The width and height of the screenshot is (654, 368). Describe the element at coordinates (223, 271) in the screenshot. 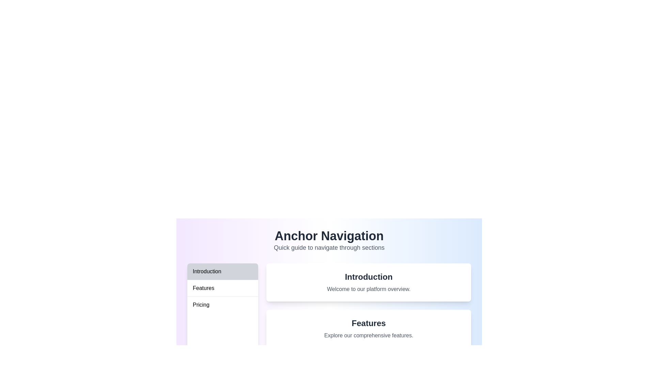

I see `the 'Introduction' button, which is styled with a bold font on a gray background and is the first entry in the vertical list of items` at that location.